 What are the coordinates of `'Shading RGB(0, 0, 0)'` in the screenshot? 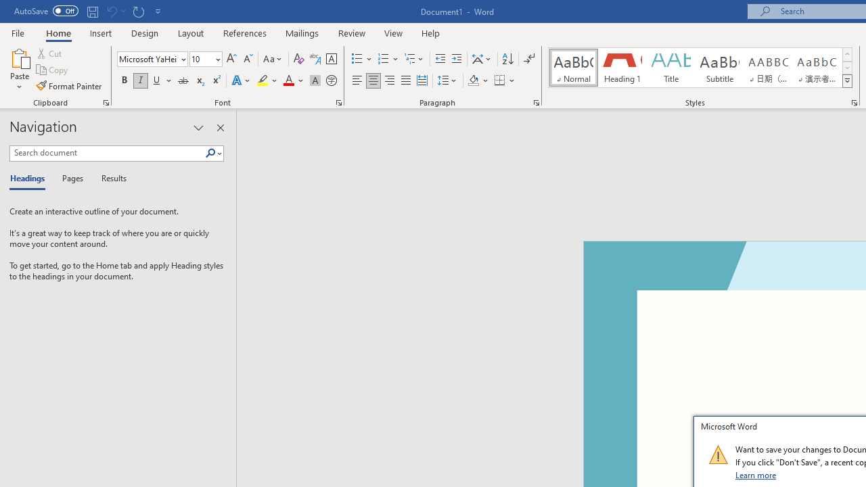 It's located at (473, 80).